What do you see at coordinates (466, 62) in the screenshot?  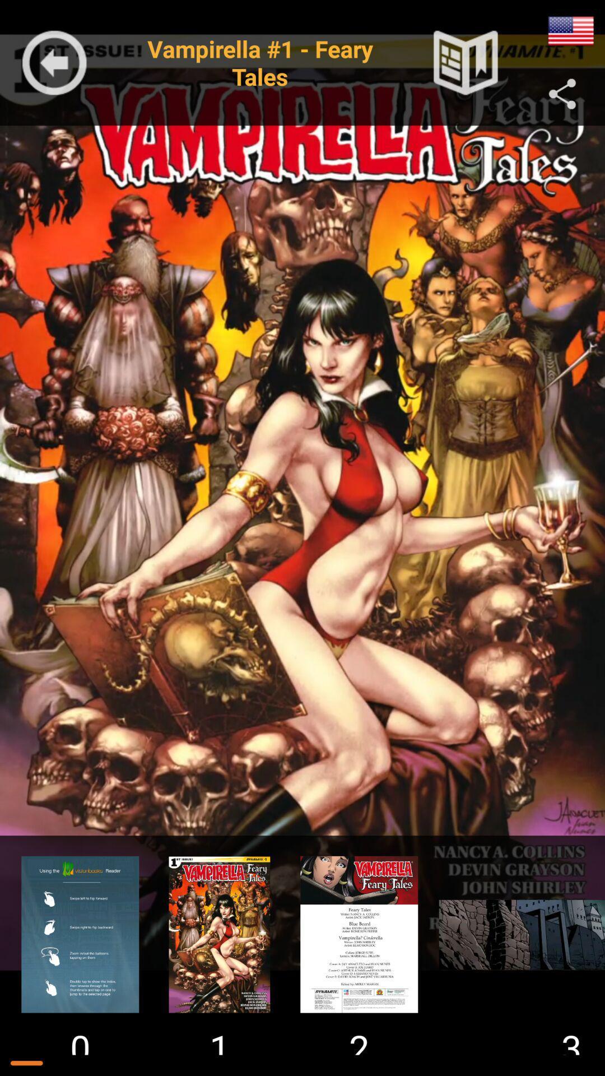 I see `the bookmark icon` at bounding box center [466, 62].